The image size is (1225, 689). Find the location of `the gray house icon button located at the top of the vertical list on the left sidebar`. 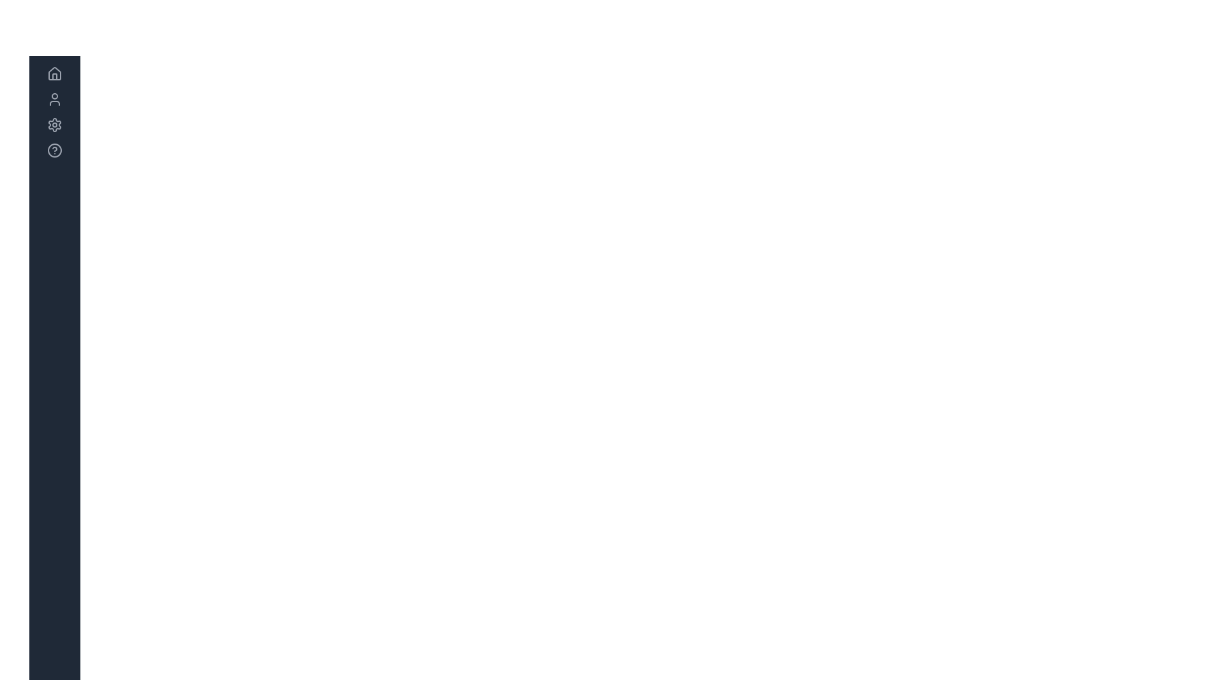

the gray house icon button located at the top of the vertical list on the left sidebar is located at coordinates (54, 73).